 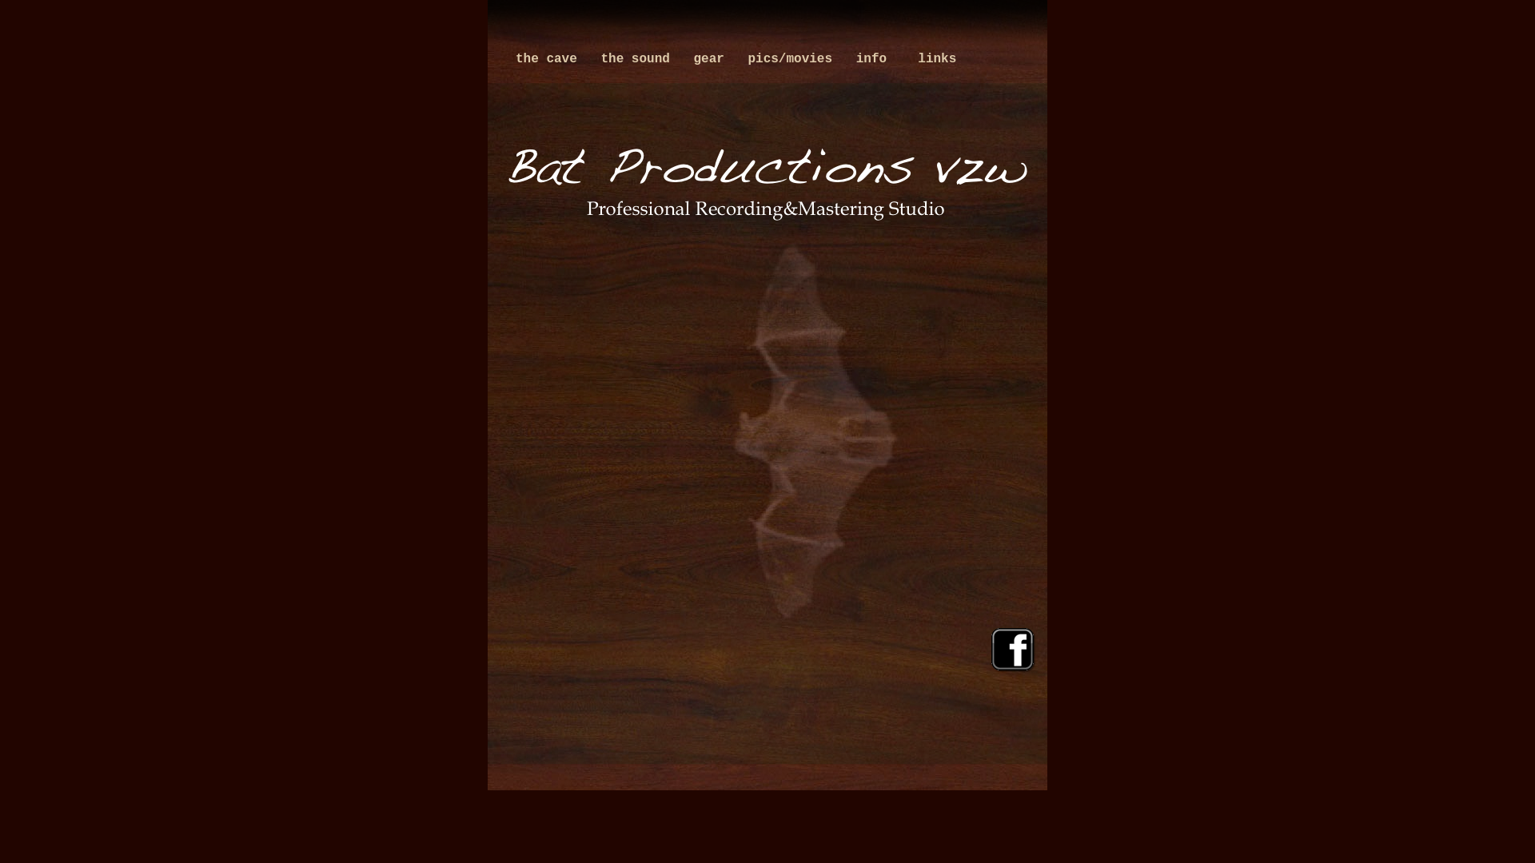 What do you see at coordinates (874, 58) in the screenshot?
I see `'info'` at bounding box center [874, 58].